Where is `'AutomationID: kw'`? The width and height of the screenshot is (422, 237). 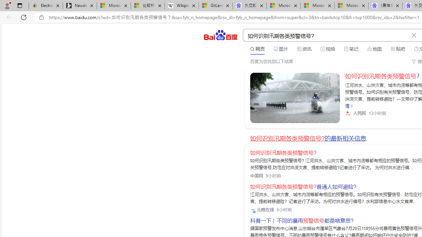 'AutomationID: kw' is located at coordinates (326, 36).